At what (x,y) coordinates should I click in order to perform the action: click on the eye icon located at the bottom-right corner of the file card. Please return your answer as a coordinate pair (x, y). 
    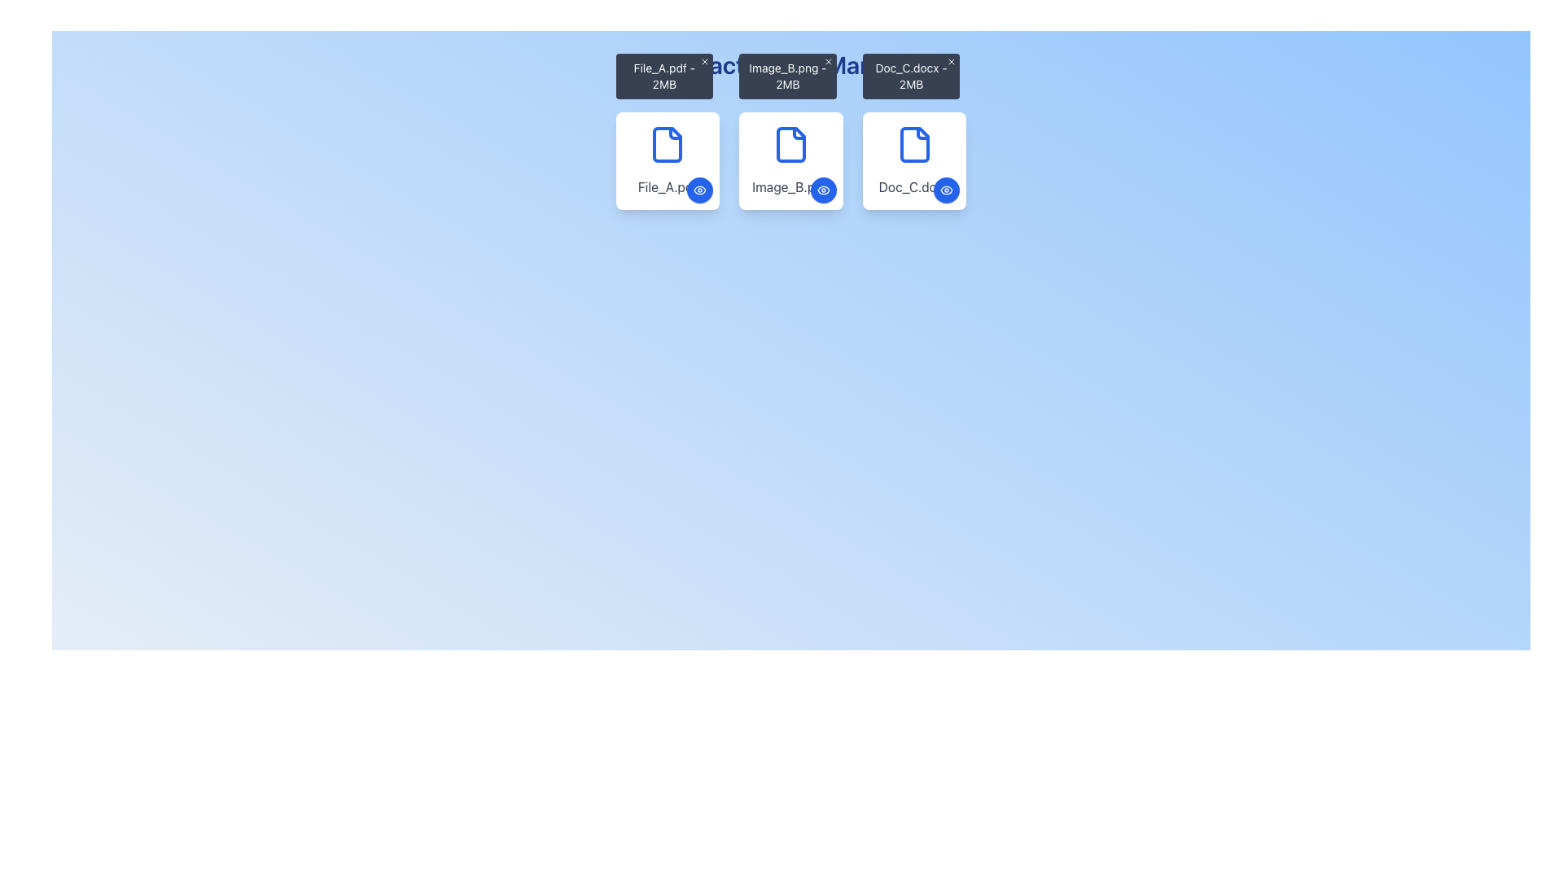
    Looking at the image, I should click on (700, 190).